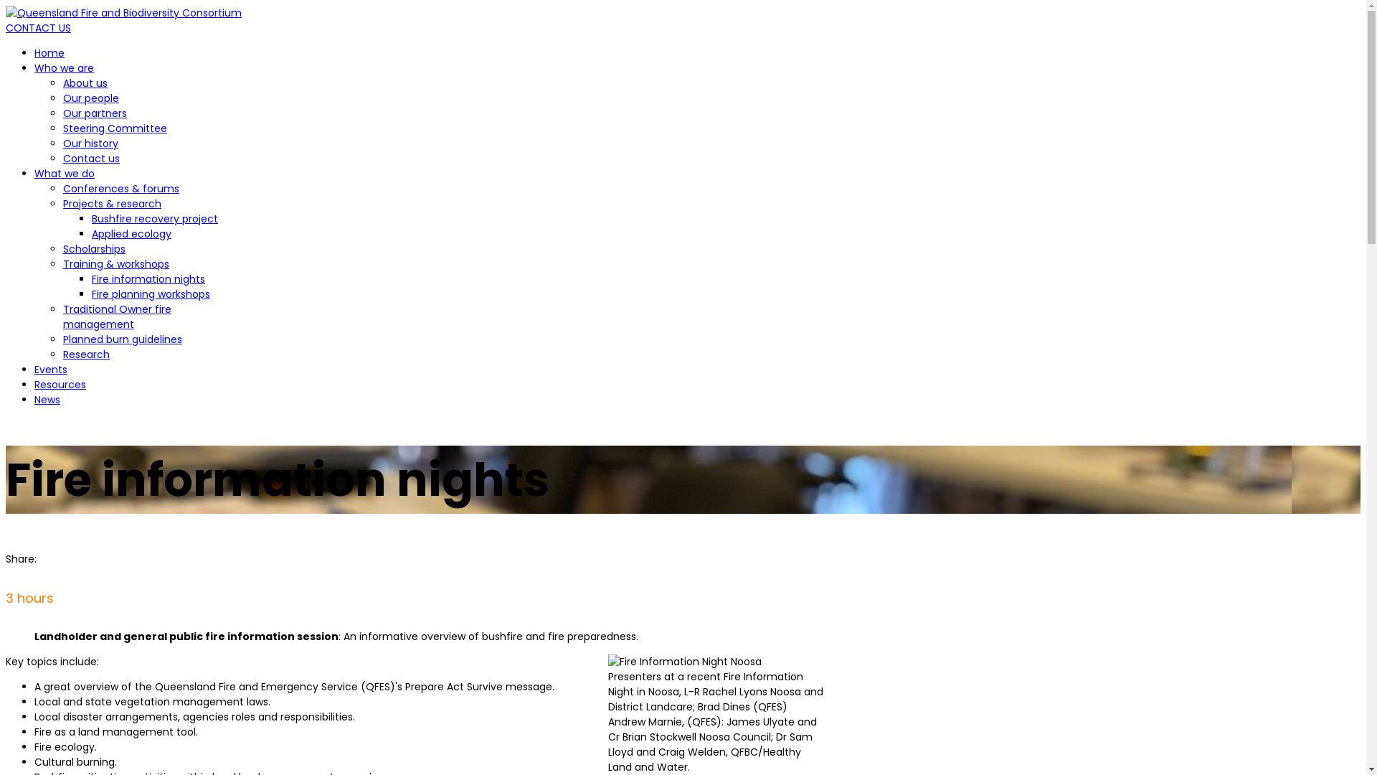 Image resolution: width=1377 pixels, height=775 pixels. Describe the element at coordinates (62, 83) in the screenshot. I see `'About us'` at that location.